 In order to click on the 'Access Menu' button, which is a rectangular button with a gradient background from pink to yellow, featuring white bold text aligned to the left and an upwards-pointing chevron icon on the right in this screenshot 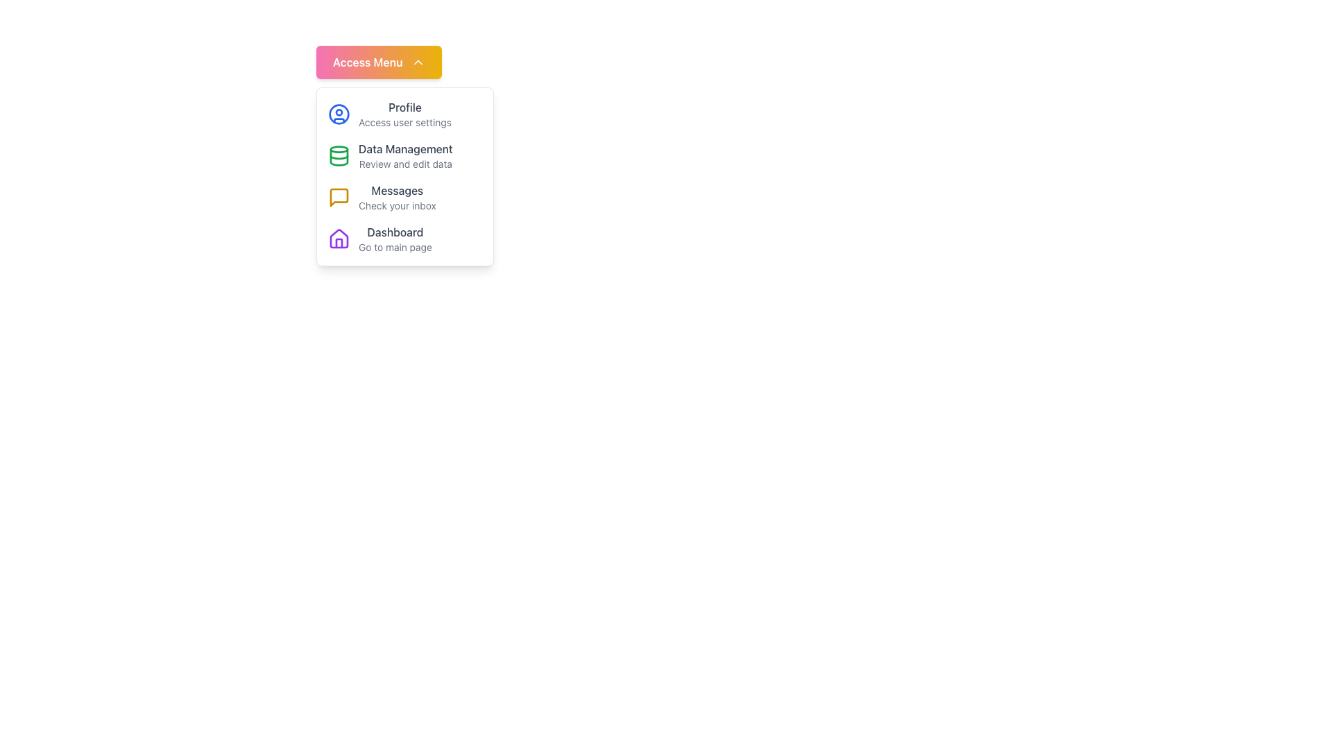, I will do `click(379, 61)`.